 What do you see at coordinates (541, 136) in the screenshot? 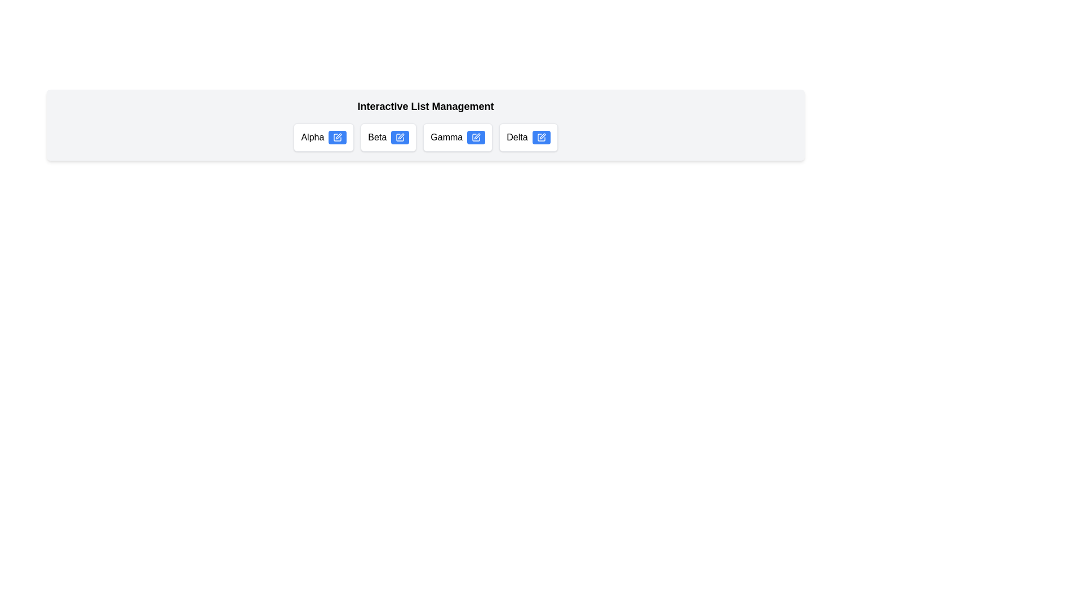
I see `the pen icon with a blue background located within the last button labeled 'Delta'` at bounding box center [541, 136].